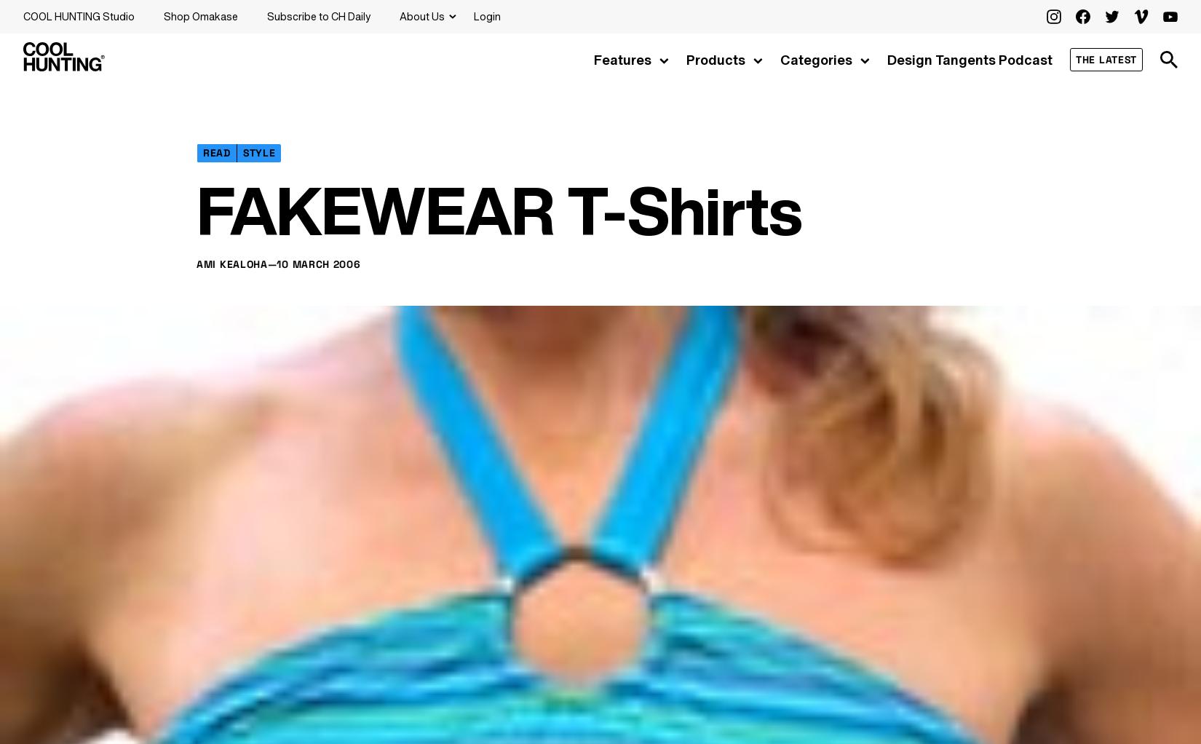  What do you see at coordinates (318, 15) in the screenshot?
I see `'Subscribe to CH Daily'` at bounding box center [318, 15].